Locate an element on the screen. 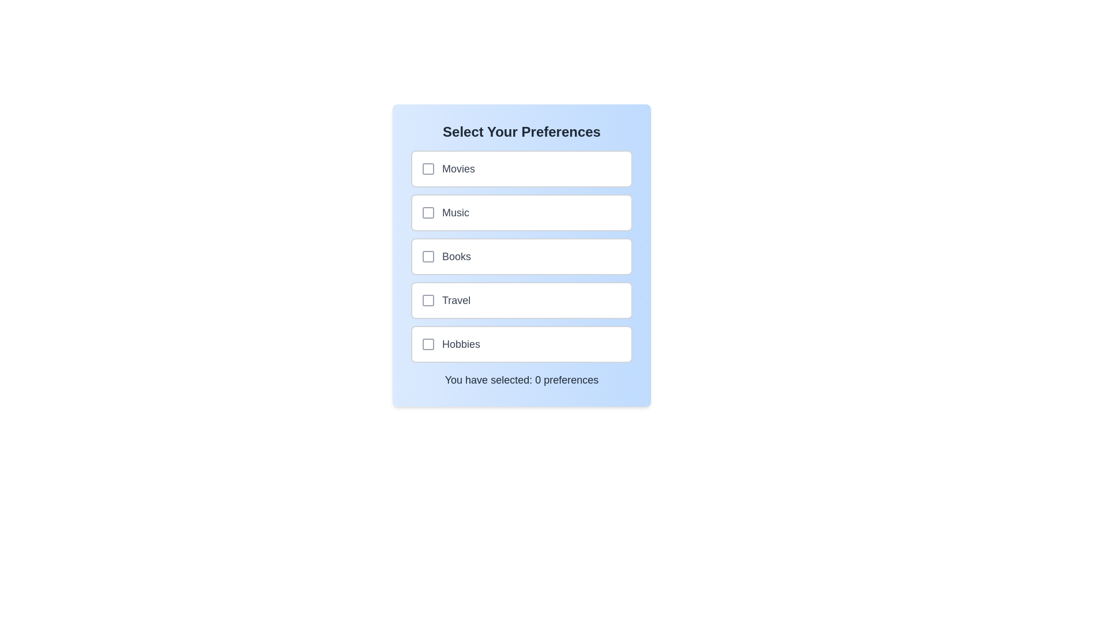 The height and width of the screenshot is (623, 1107). the checkbox corresponding to Travel to toggle its selection is located at coordinates (428, 299).